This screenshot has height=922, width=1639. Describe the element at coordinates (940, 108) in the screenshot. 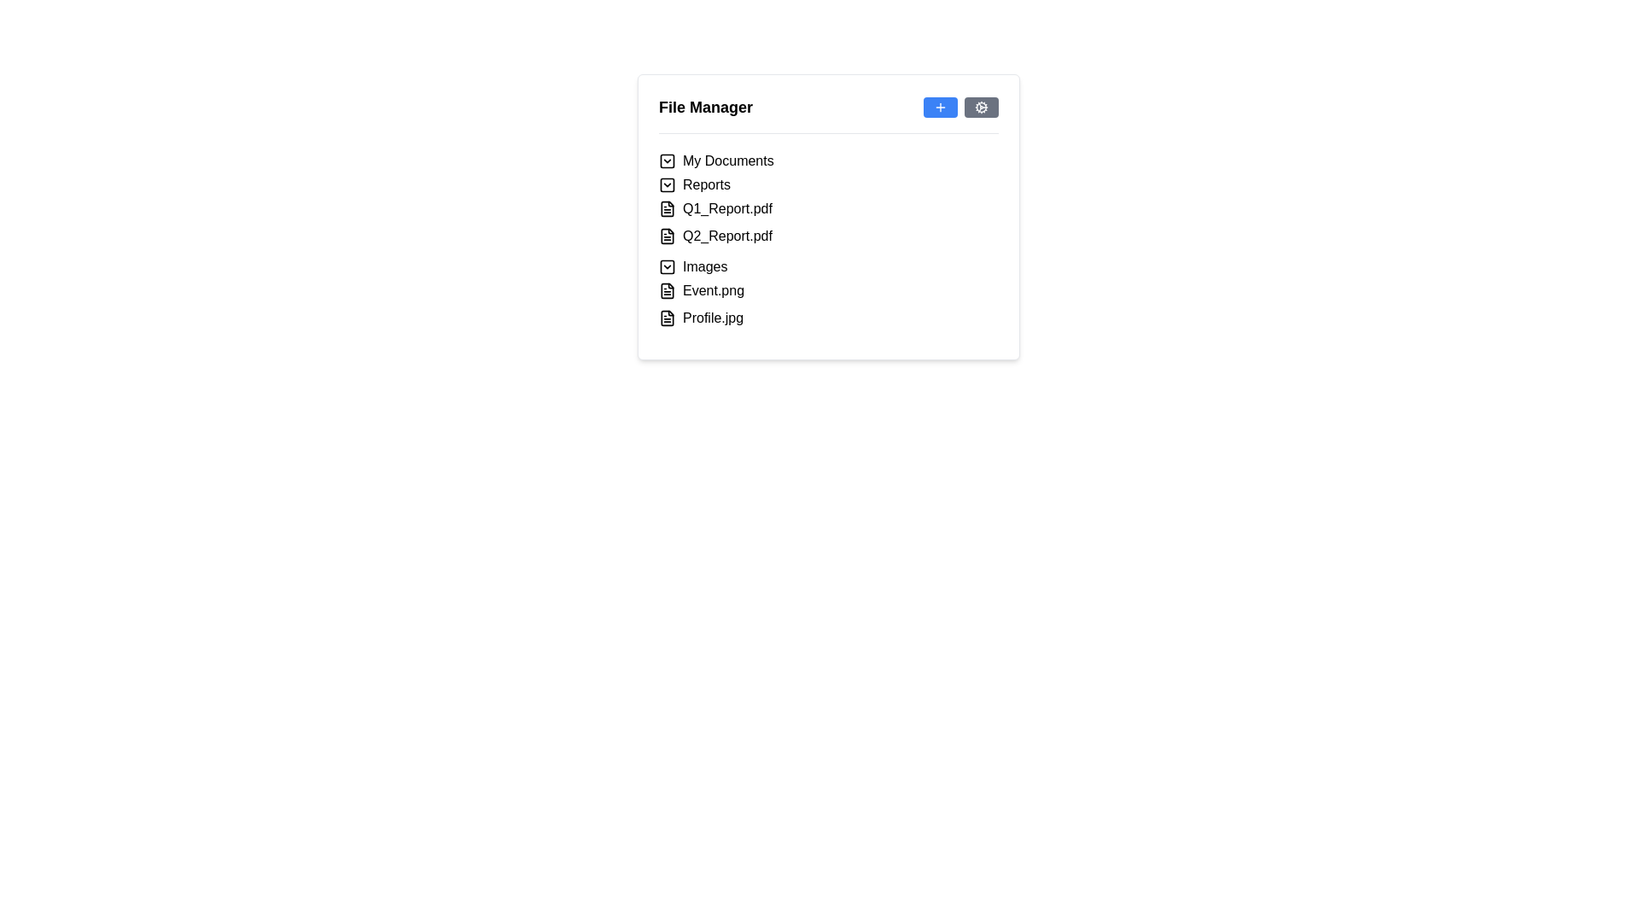

I see `the 'create' or 'add' action button located at the top-right corner of the 'File Manager' interface, adjacent to the gear icon` at that location.